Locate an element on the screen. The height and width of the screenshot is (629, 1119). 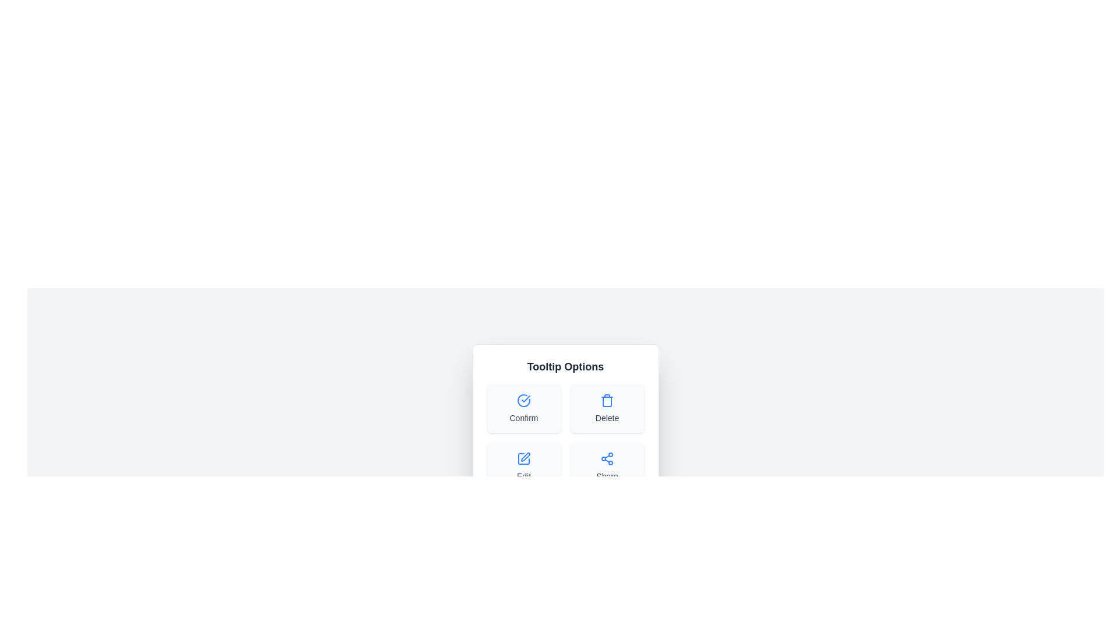
the 'Delete' text label, which is part of a tile featuring a blue trash can icon above it, located near the bottom center of the UI is located at coordinates (606, 417).